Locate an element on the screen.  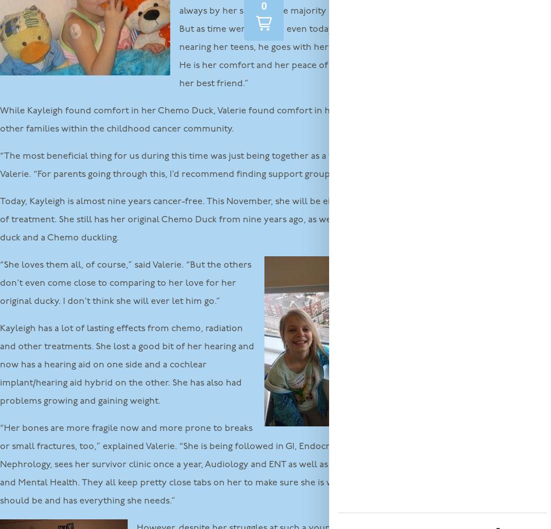
'January 2015' is located at coordinates (440, 259).